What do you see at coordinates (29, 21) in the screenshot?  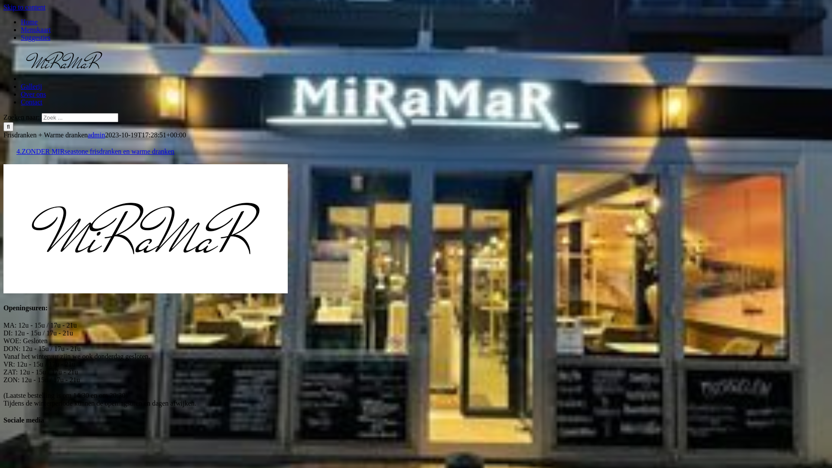 I see `'Home'` at bounding box center [29, 21].